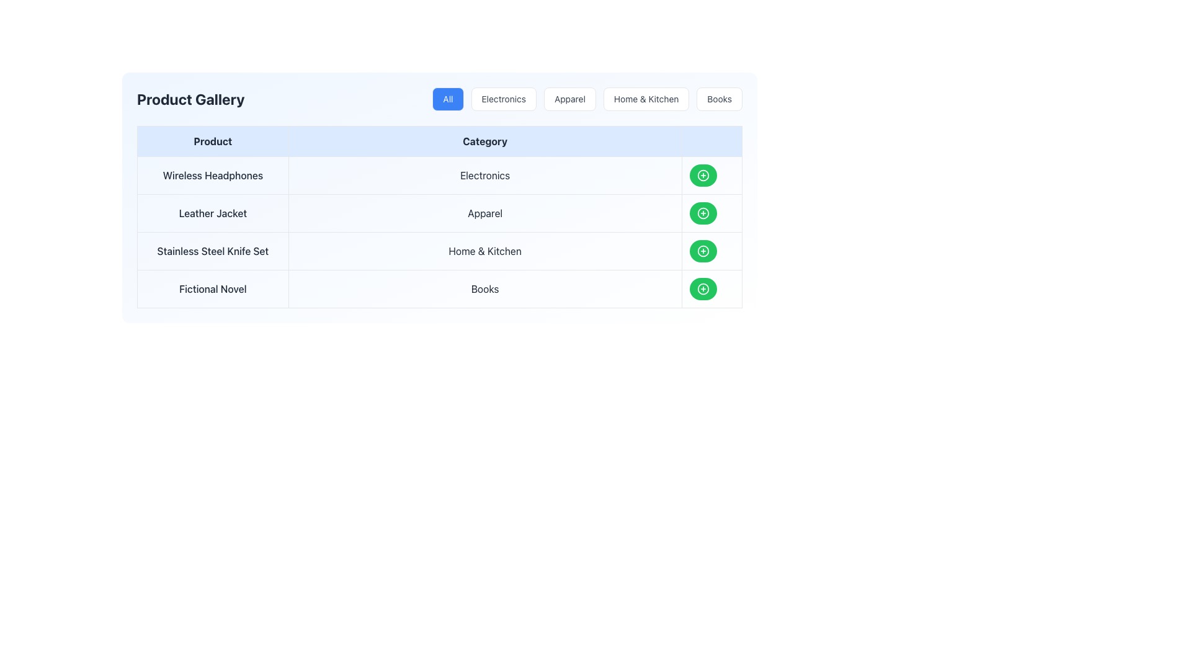 The width and height of the screenshot is (1191, 670). Describe the element at coordinates (440, 251) in the screenshot. I see `the textual block displaying product information located in the third row of the table, which spans two columns and is positioned between 'Leather JacketApparel' and 'Fictional NovelBooks'` at that location.